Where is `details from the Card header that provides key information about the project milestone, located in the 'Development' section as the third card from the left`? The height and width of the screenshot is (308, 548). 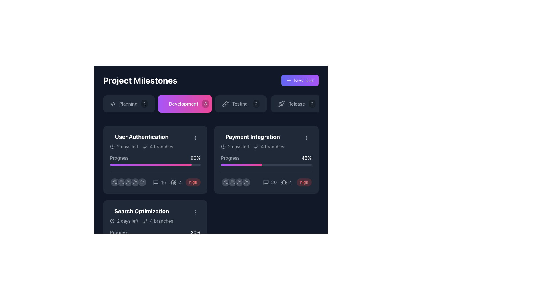 details from the Card header that provides key information about the project milestone, located in the 'Development' section as the third card from the left is located at coordinates (155, 216).